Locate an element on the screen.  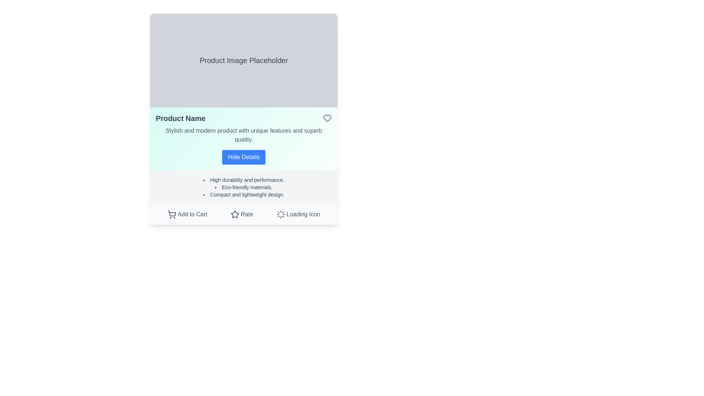
the Loader Icon located at the bottom right corner of the card-like interface, adjacent to the 'Loading Icon' label is located at coordinates (280, 214).